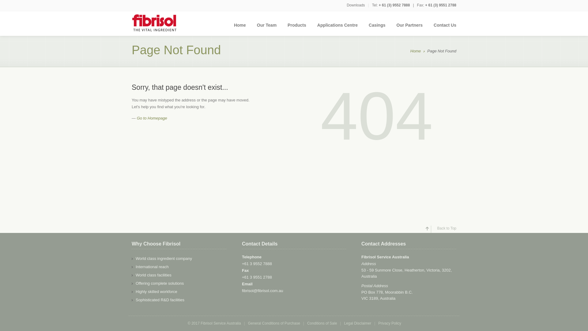 The width and height of the screenshot is (588, 331). Describe the element at coordinates (239, 28) in the screenshot. I see `'Home'` at that location.